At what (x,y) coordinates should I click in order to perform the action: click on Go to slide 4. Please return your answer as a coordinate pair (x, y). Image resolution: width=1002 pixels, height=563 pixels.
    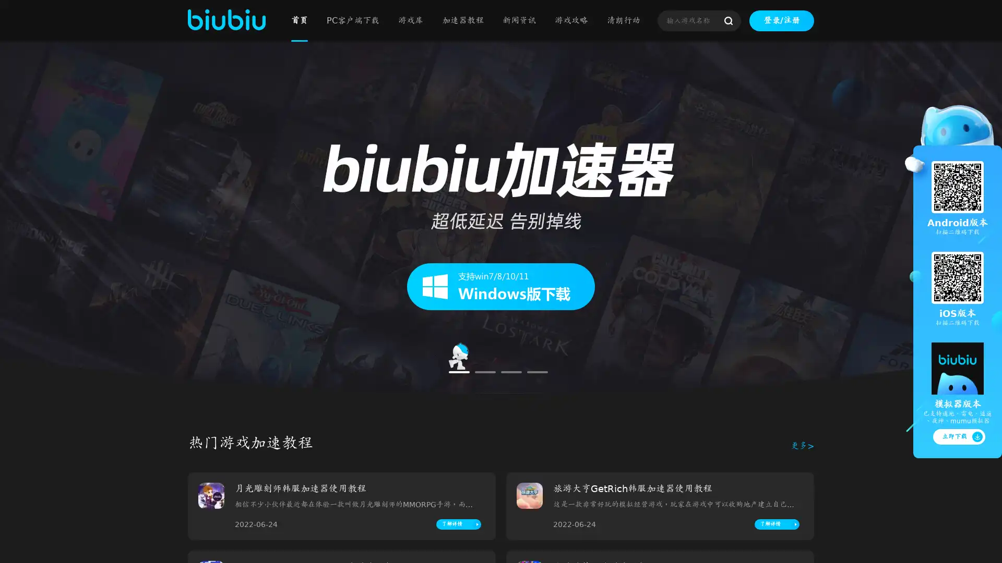
    Looking at the image, I should click on (538, 355).